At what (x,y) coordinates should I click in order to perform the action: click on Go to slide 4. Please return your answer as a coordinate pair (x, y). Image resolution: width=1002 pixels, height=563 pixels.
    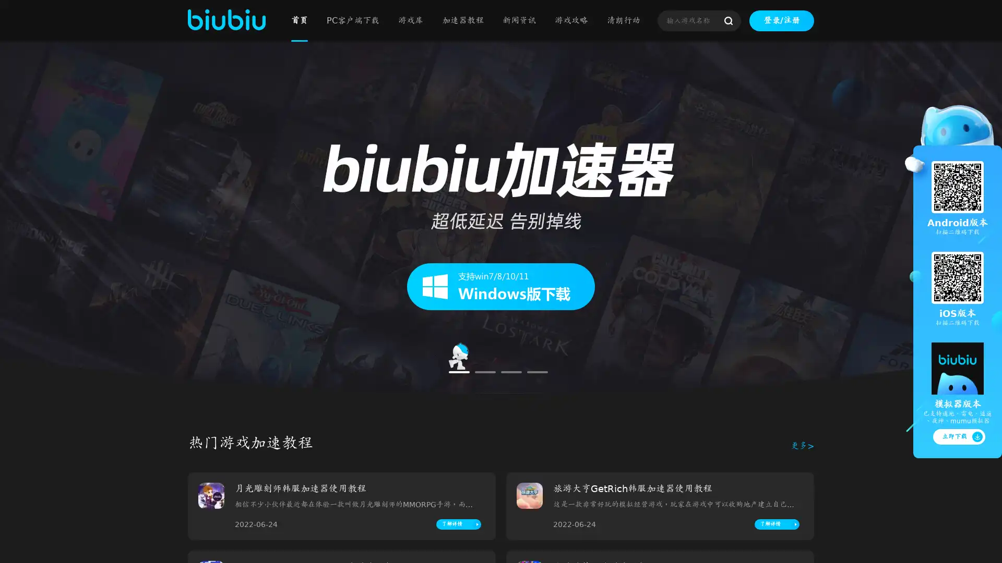
    Looking at the image, I should click on (538, 355).